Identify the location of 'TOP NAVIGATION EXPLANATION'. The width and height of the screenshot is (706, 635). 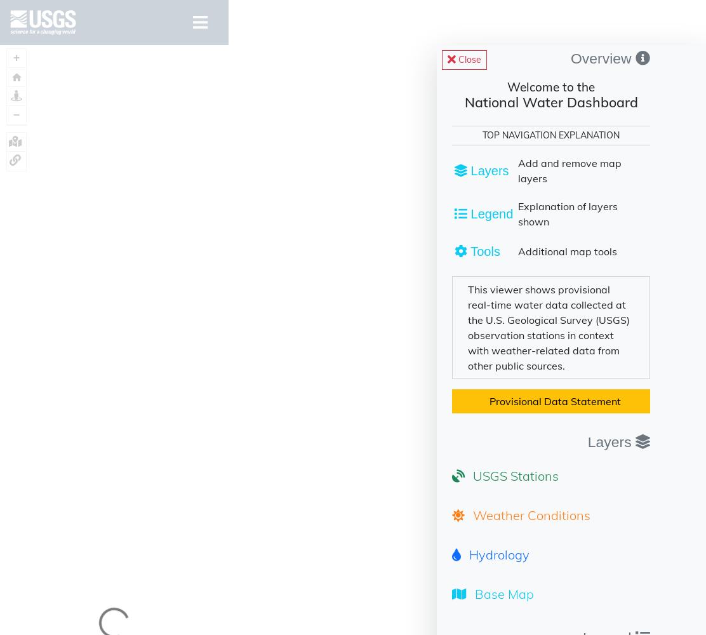
(551, 135).